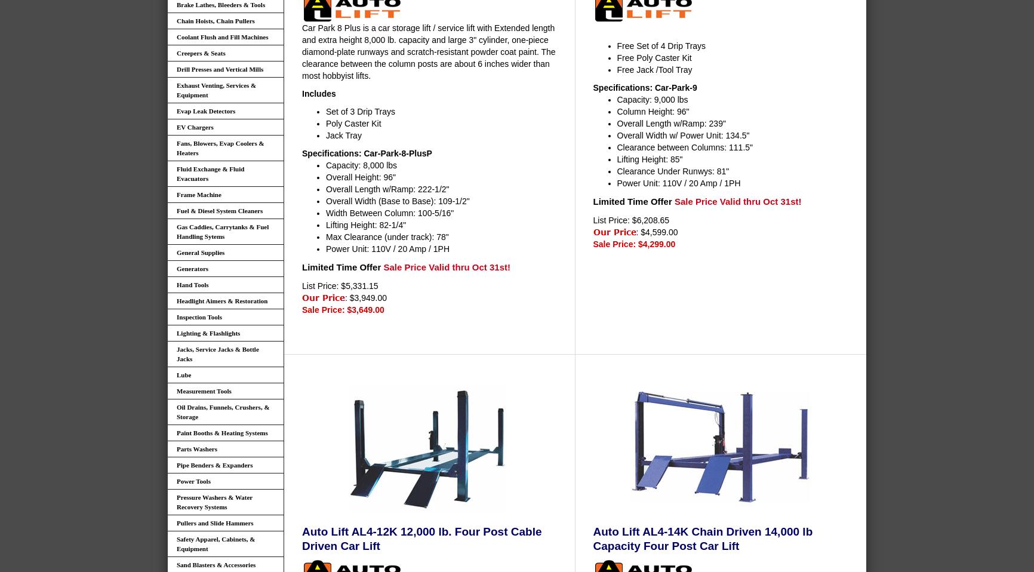 The image size is (1034, 572). Describe the element at coordinates (176, 268) in the screenshot. I see `'Generators'` at that location.